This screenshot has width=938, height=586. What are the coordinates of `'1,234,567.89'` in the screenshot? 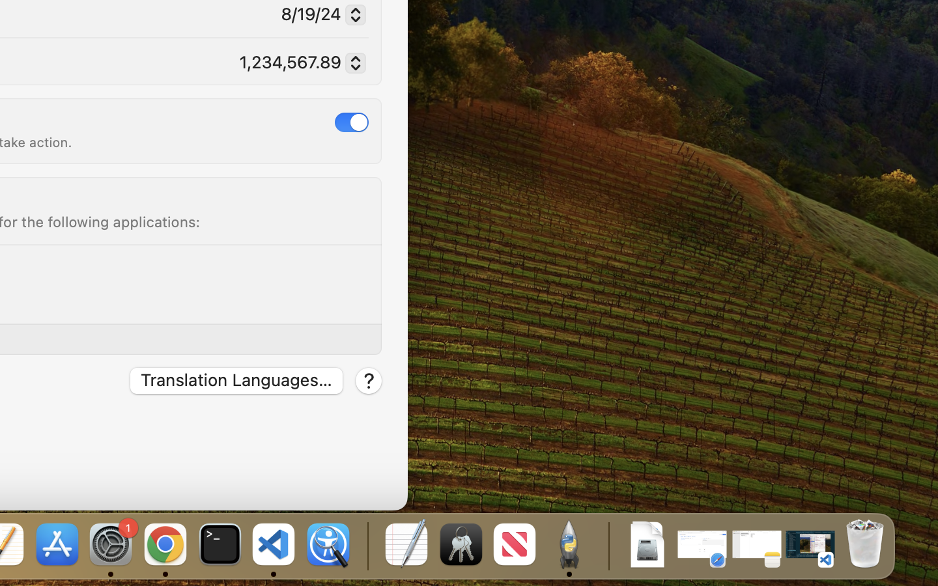 It's located at (297, 64).